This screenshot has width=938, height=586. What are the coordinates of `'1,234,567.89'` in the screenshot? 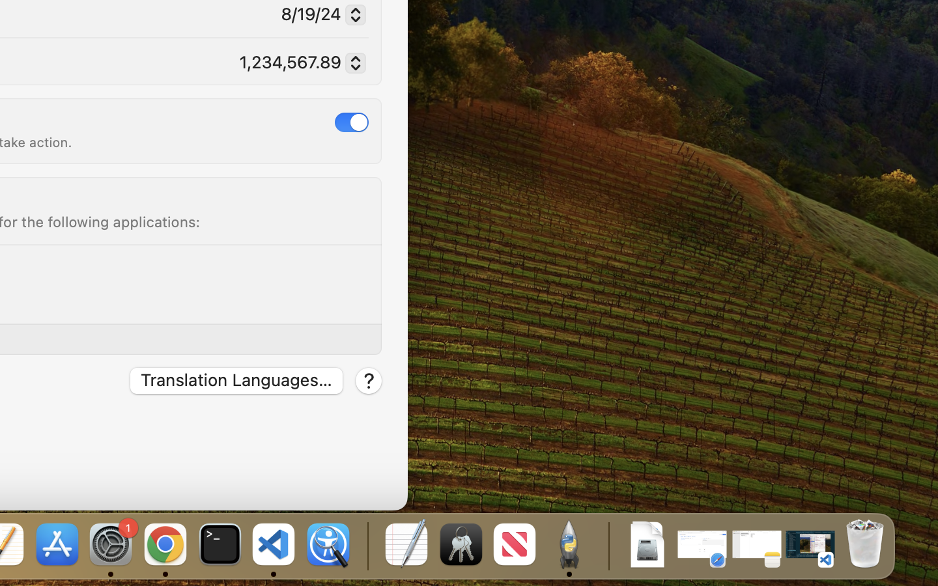 It's located at (297, 64).